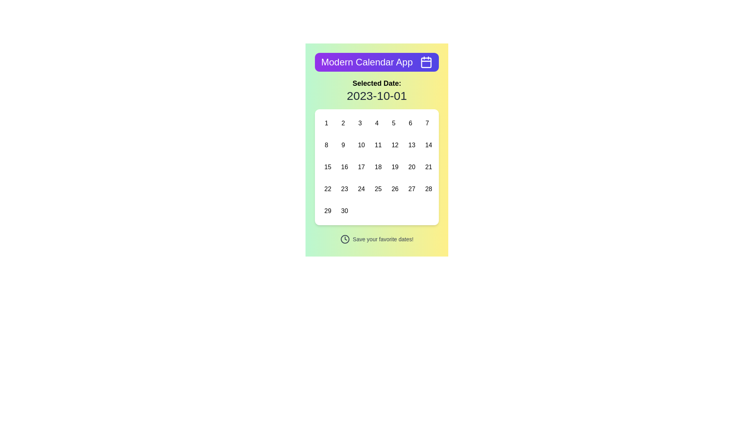  What do you see at coordinates (326, 123) in the screenshot?
I see `the small rectangular button with rounded corners displaying '1' in bold black text` at bounding box center [326, 123].